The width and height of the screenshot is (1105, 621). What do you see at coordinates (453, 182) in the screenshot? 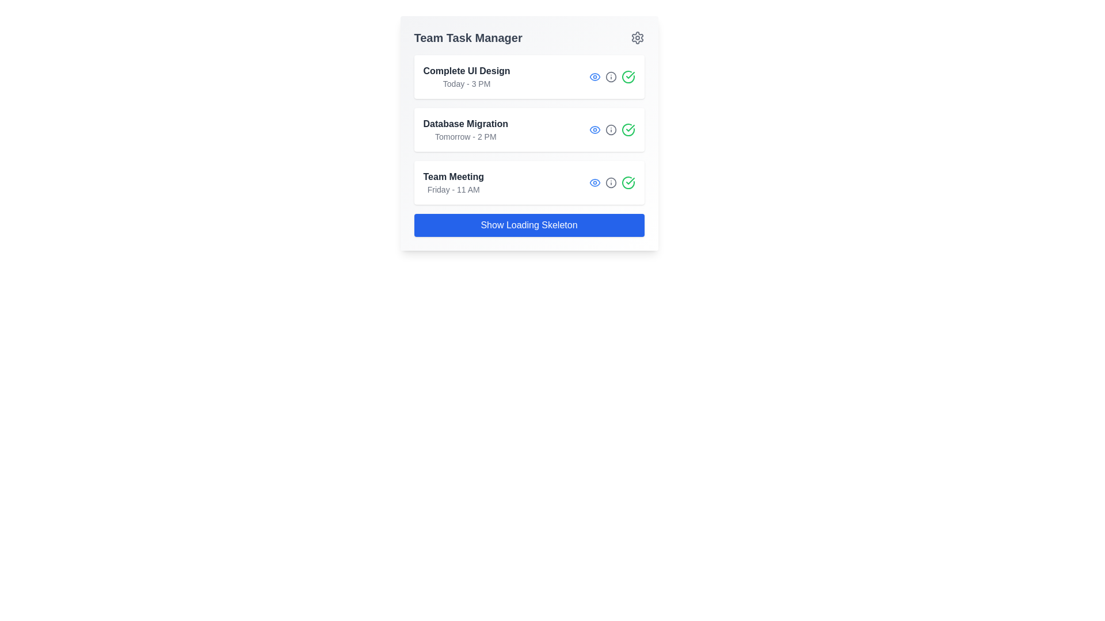
I see `the Text Display that shows 'Team Meeting' and 'Friday - 11 AM' in the third item row of the vertical task list` at bounding box center [453, 182].